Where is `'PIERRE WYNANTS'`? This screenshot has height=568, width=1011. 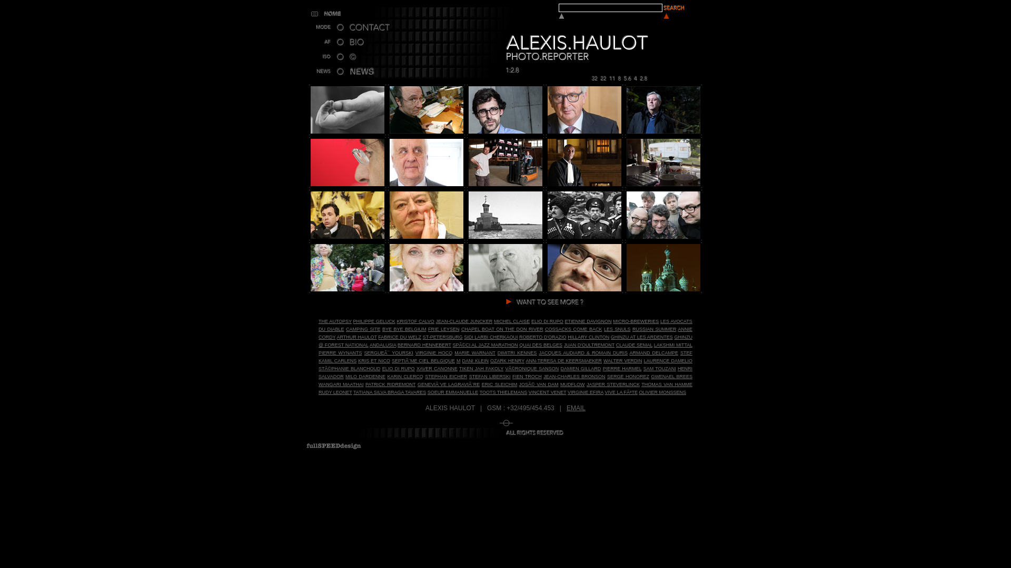 'PIERRE WYNANTS' is located at coordinates (340, 353).